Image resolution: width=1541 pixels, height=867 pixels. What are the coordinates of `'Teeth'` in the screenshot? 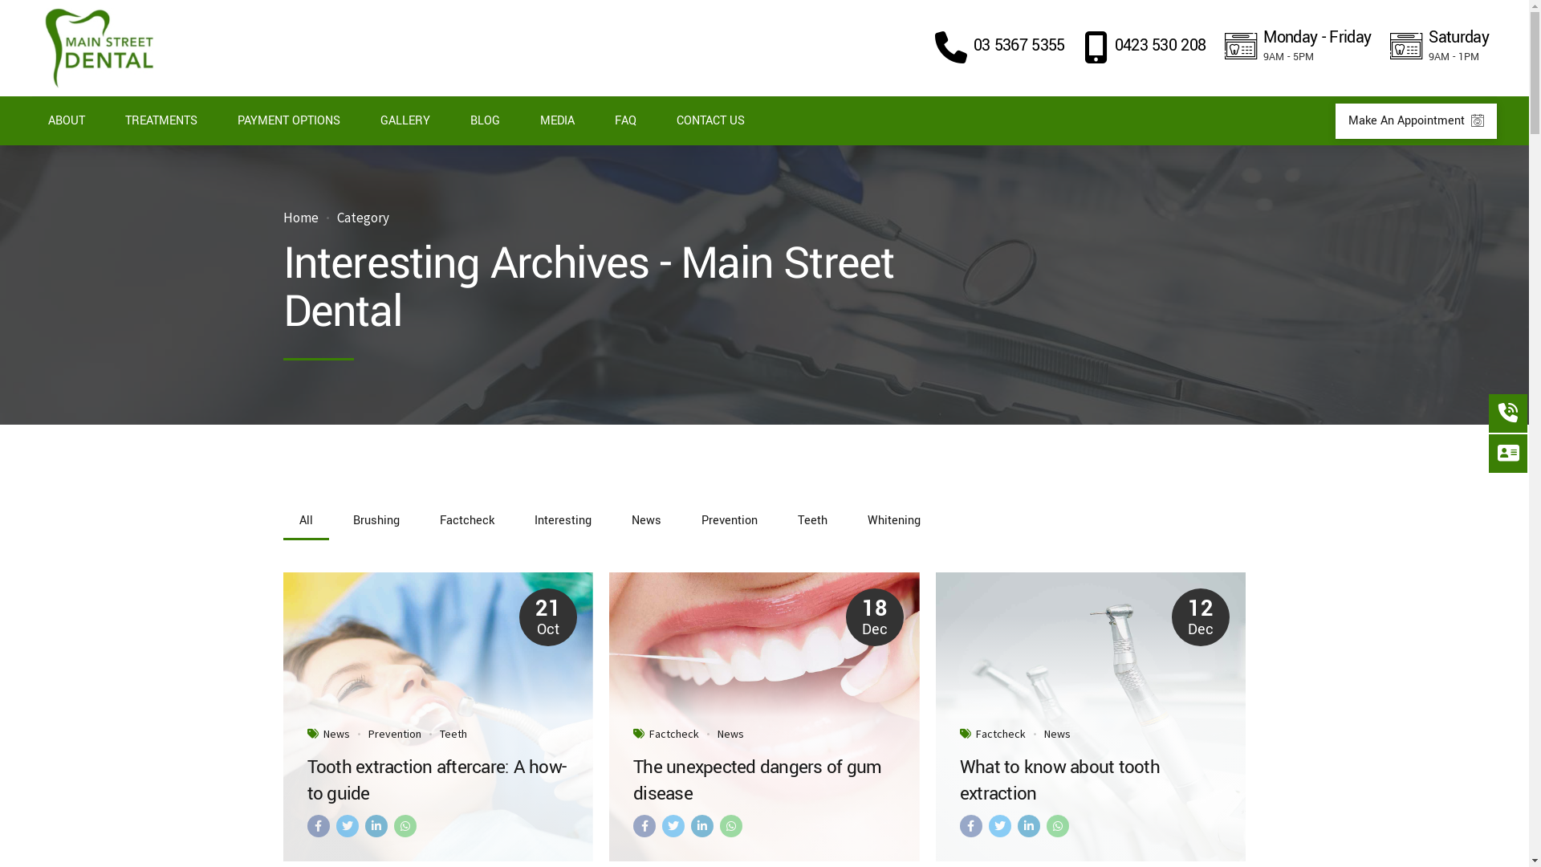 It's located at (453, 734).